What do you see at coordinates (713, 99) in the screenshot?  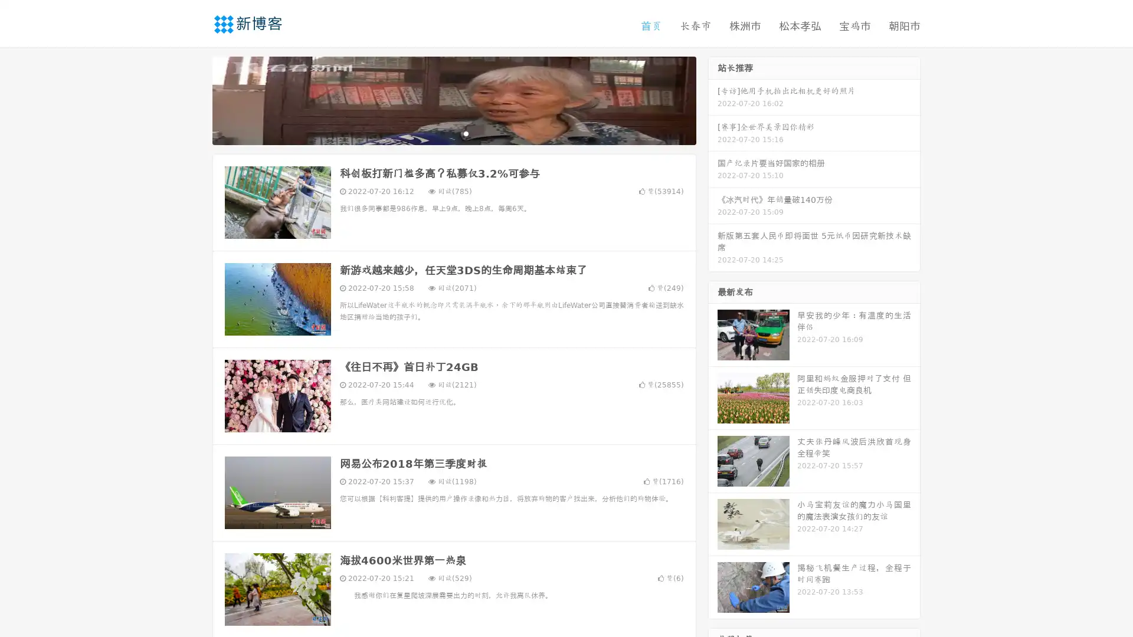 I see `Next slide` at bounding box center [713, 99].